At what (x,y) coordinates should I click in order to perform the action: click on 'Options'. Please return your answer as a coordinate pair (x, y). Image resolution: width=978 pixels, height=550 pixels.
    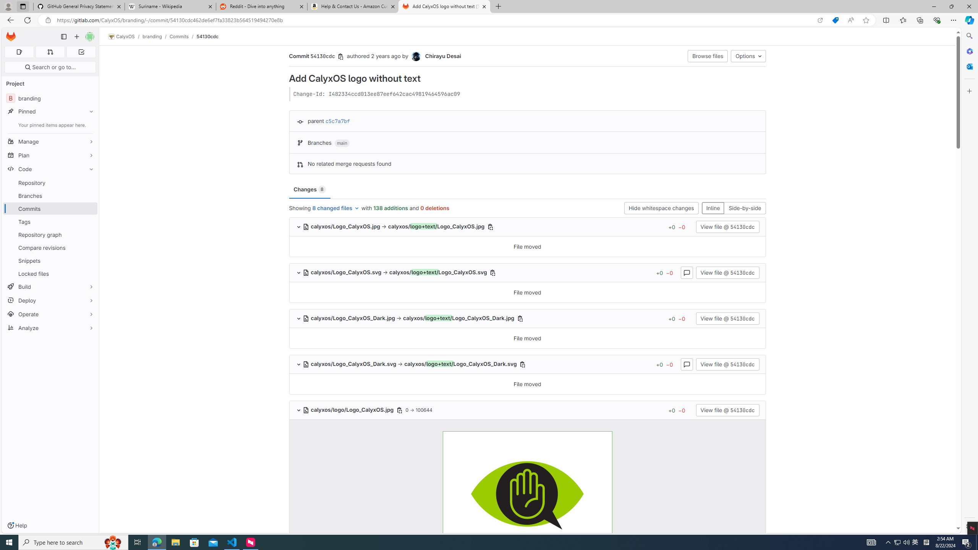
    Looking at the image, I should click on (748, 55).